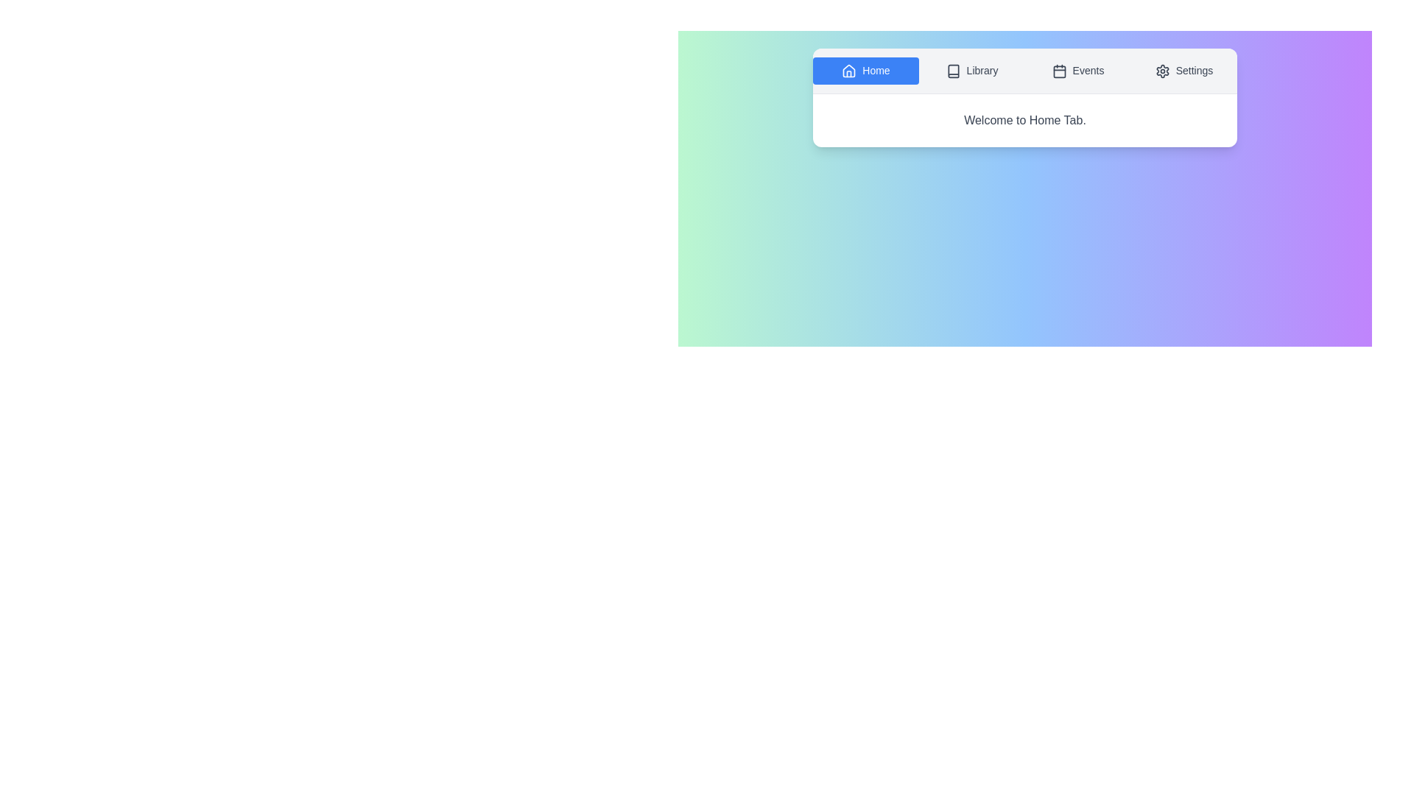 This screenshot has height=795, width=1414. Describe the element at coordinates (1058, 71) in the screenshot. I see `the 'Events' icon located in the top navigation bar, which is the third button from the left and positioned before the label text 'Events'` at that location.